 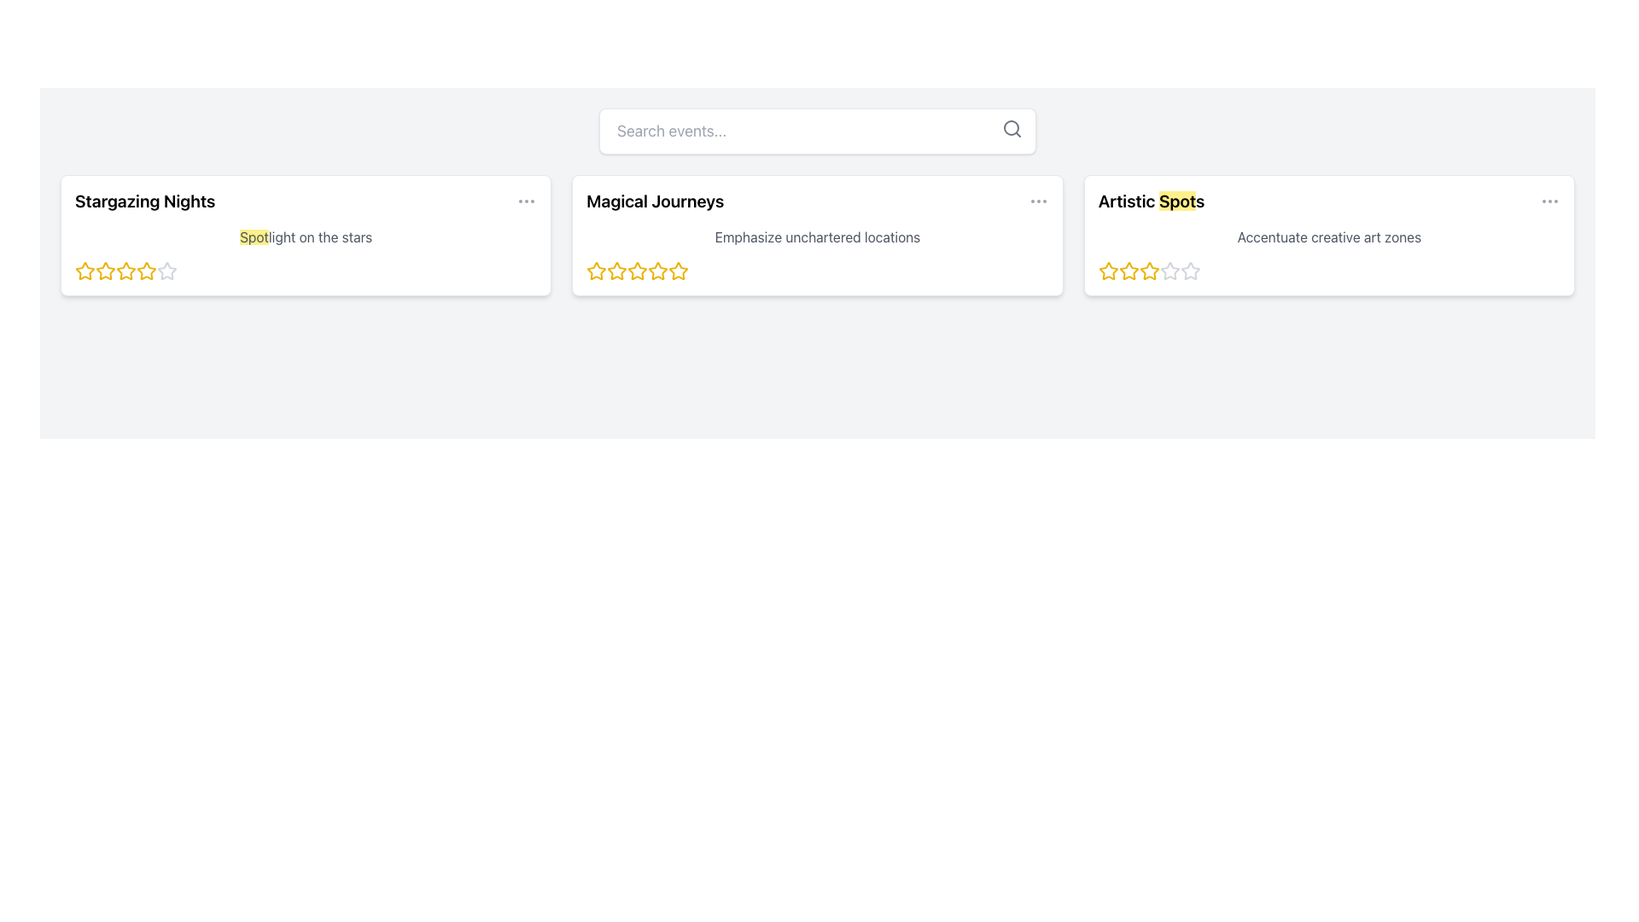 I want to click on the first yellow star icon in the 5-star rating component of the 'Stargazing Nights' card located in the leftmost column, so click(x=85, y=270).